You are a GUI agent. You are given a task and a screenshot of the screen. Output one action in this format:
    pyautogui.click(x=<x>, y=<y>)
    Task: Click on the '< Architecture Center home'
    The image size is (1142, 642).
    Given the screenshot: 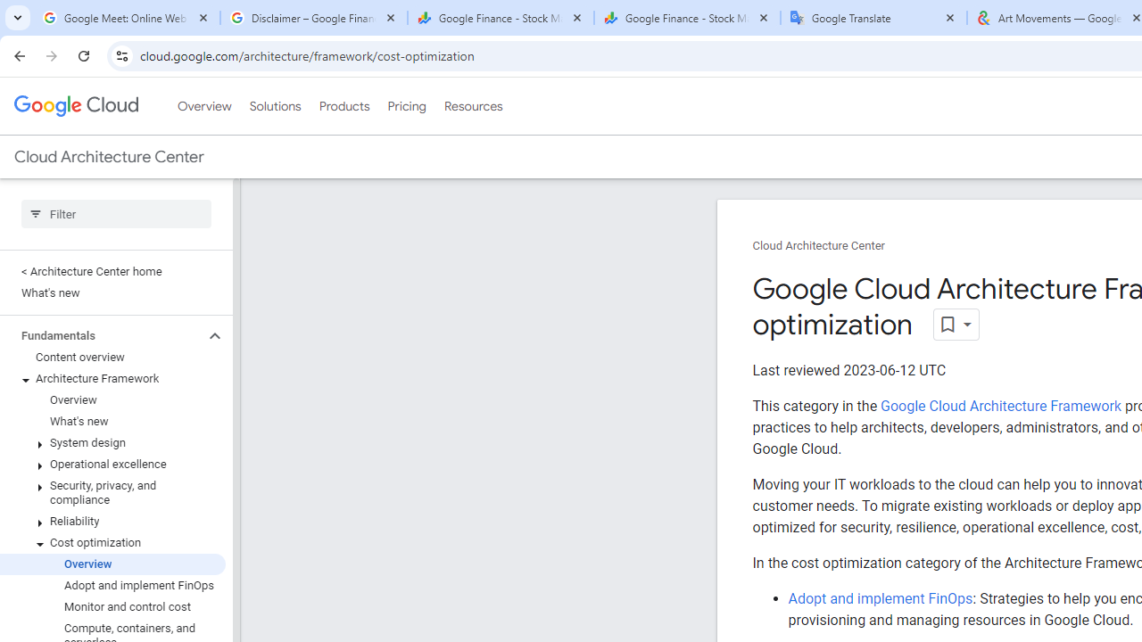 What is the action you would take?
    pyautogui.click(x=112, y=271)
    